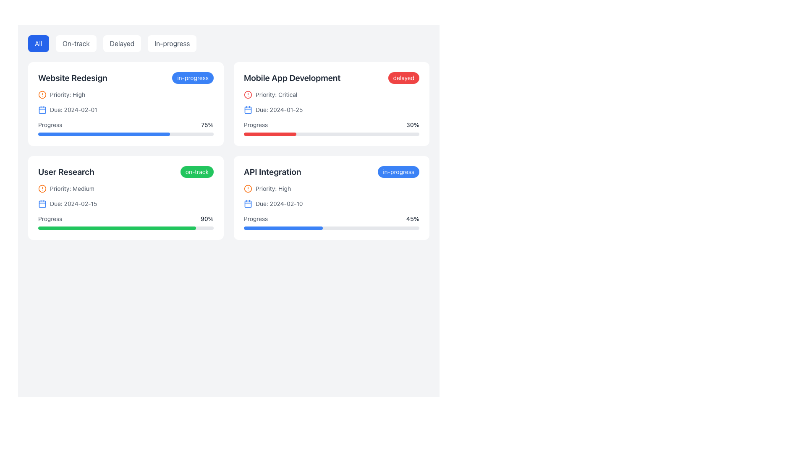 The height and width of the screenshot is (453, 806). I want to click on the text label or heading titled 'API Integration', which serves as the header for a section or card, located in the bottom-right area of the grid layout, so click(272, 171).